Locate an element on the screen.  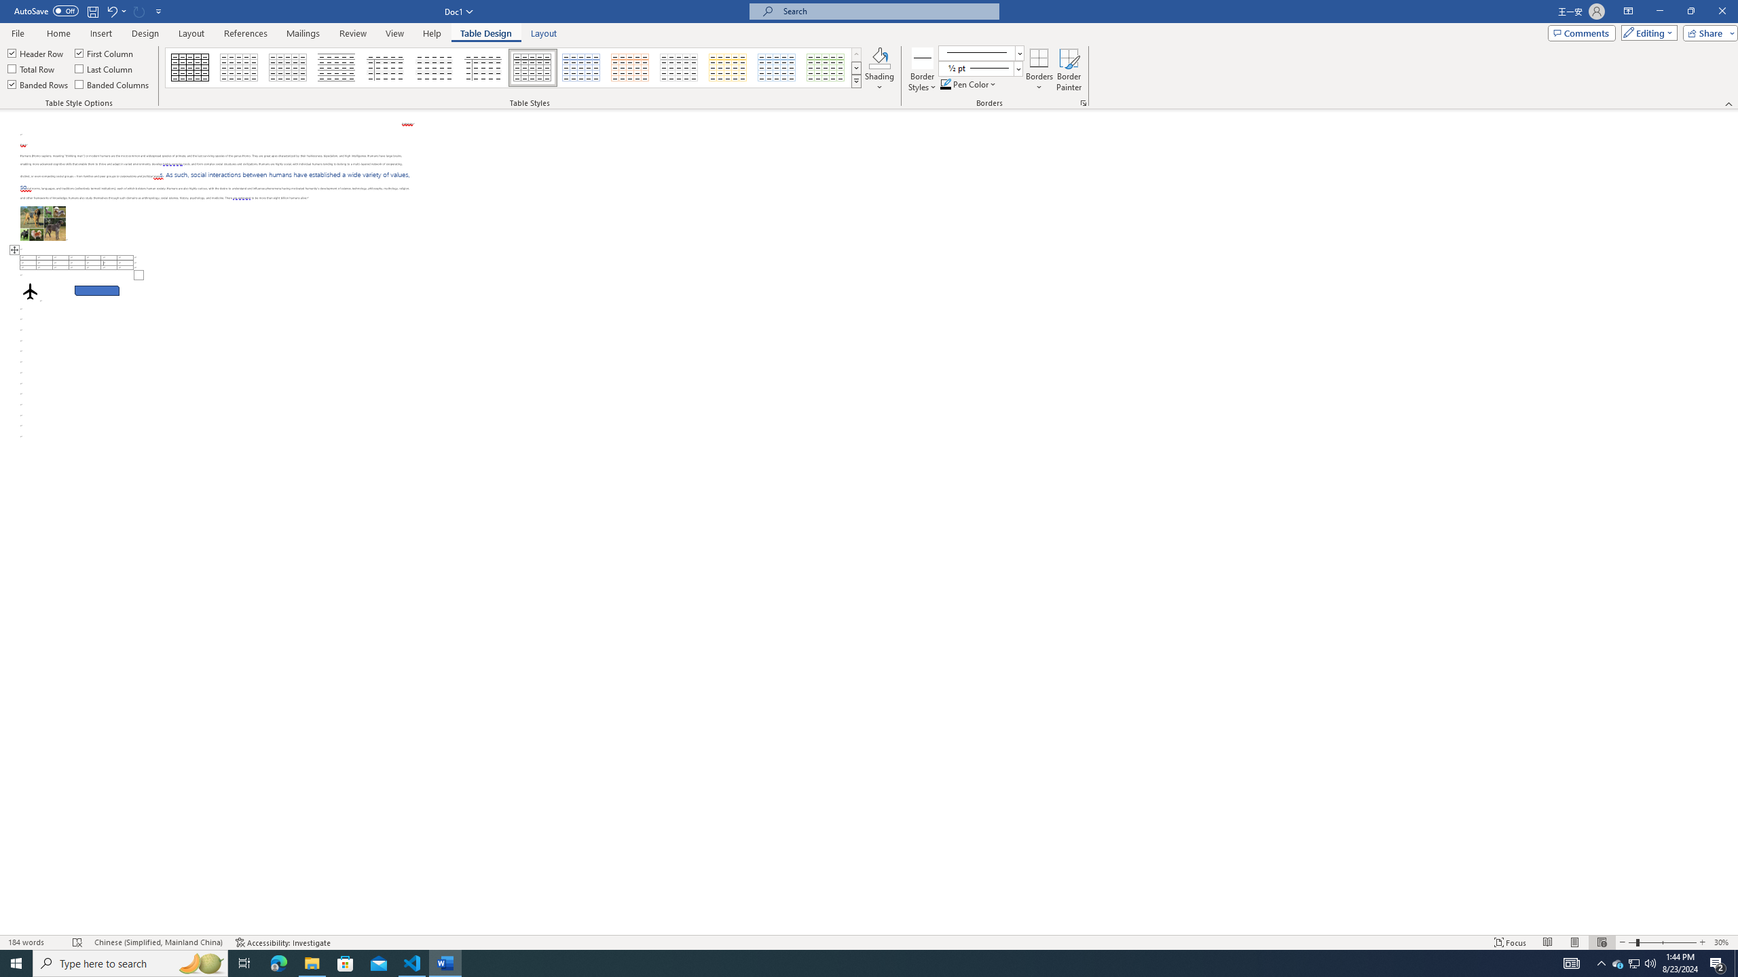
'Rectangle: Diagonal Corners Snipped 2' is located at coordinates (96, 290).